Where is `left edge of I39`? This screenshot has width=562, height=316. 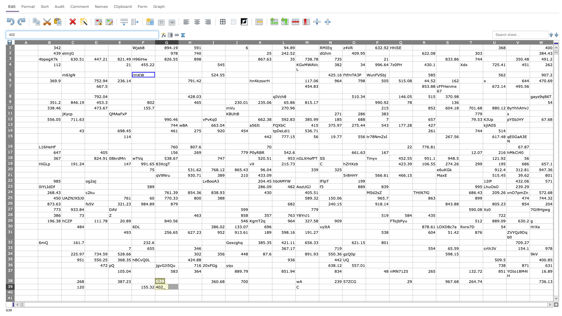
left edge of I39 is located at coordinates (202, 286).